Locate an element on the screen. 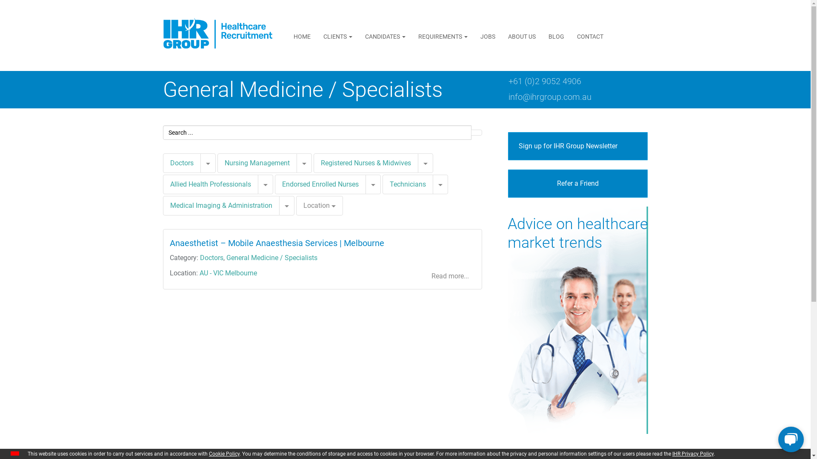 Image resolution: width=817 pixels, height=459 pixels. 'Toggle Dropdown' is located at coordinates (296, 163).